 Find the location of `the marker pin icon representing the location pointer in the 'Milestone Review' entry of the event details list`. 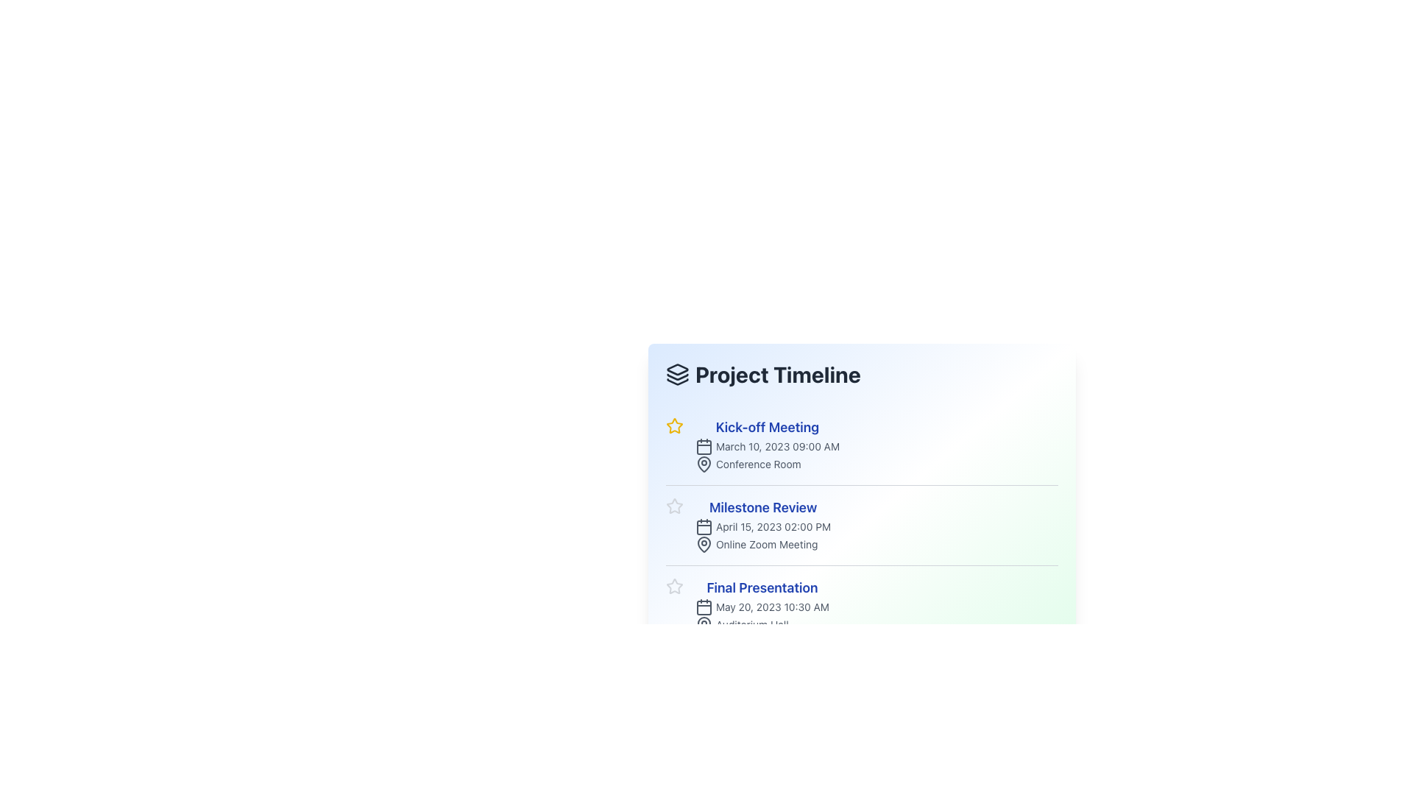

the marker pin icon representing the location pointer in the 'Milestone Review' entry of the event details list is located at coordinates (703, 544).